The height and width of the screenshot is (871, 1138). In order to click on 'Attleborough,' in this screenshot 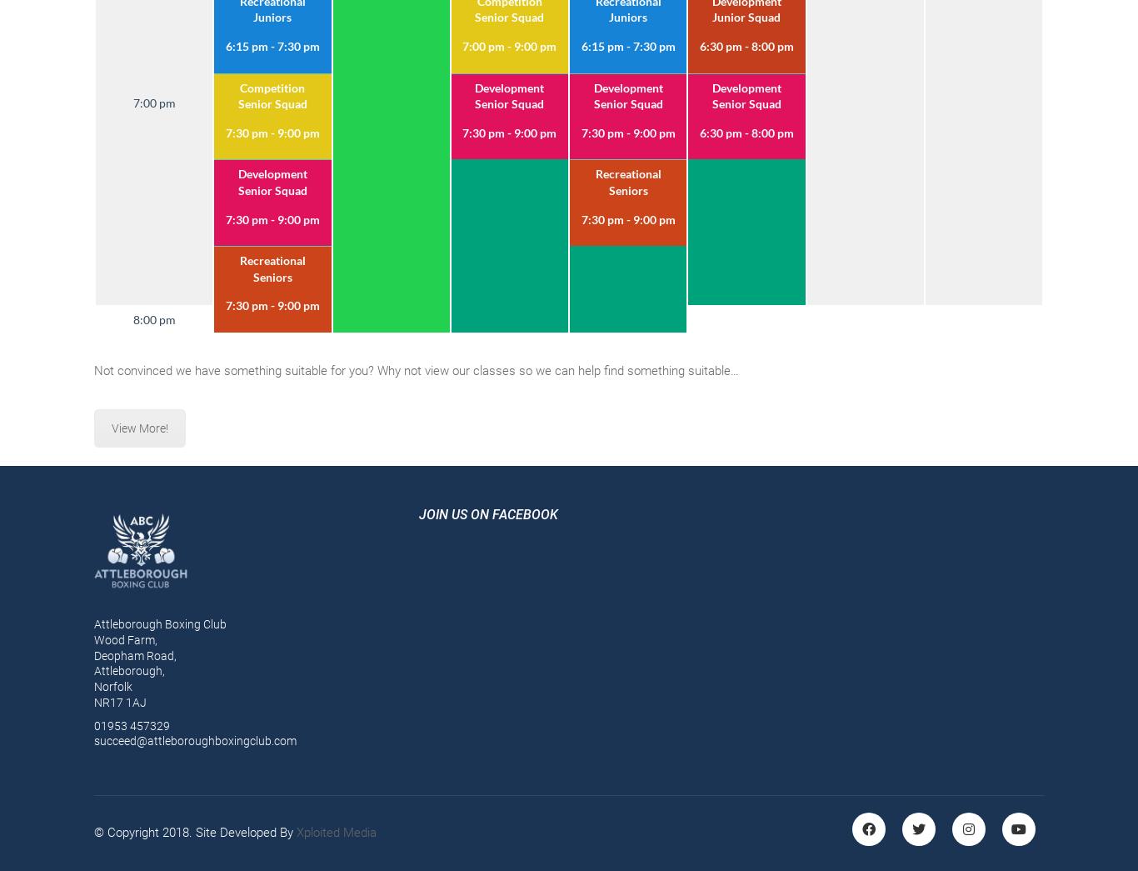, I will do `click(128, 670)`.